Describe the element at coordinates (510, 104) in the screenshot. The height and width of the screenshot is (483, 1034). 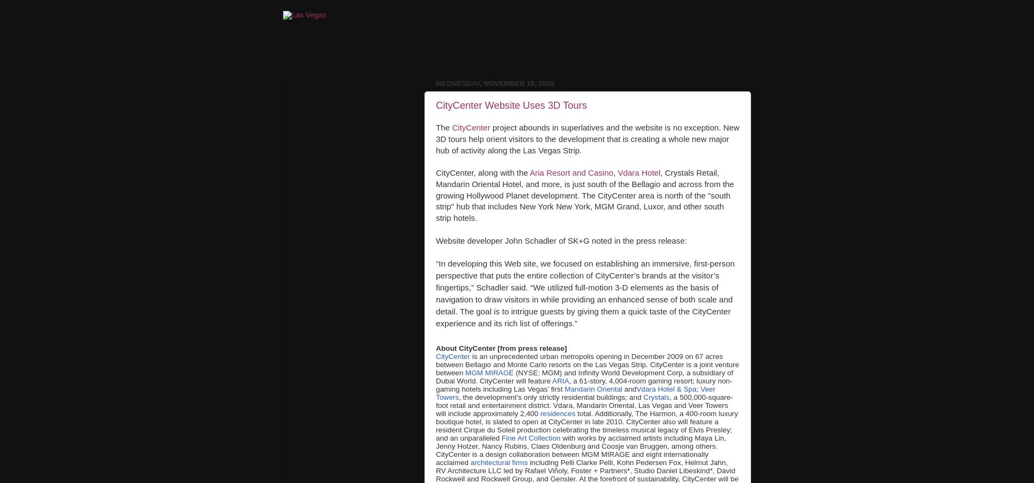
I see `'CityCenter Website Uses 3D Tours'` at that location.